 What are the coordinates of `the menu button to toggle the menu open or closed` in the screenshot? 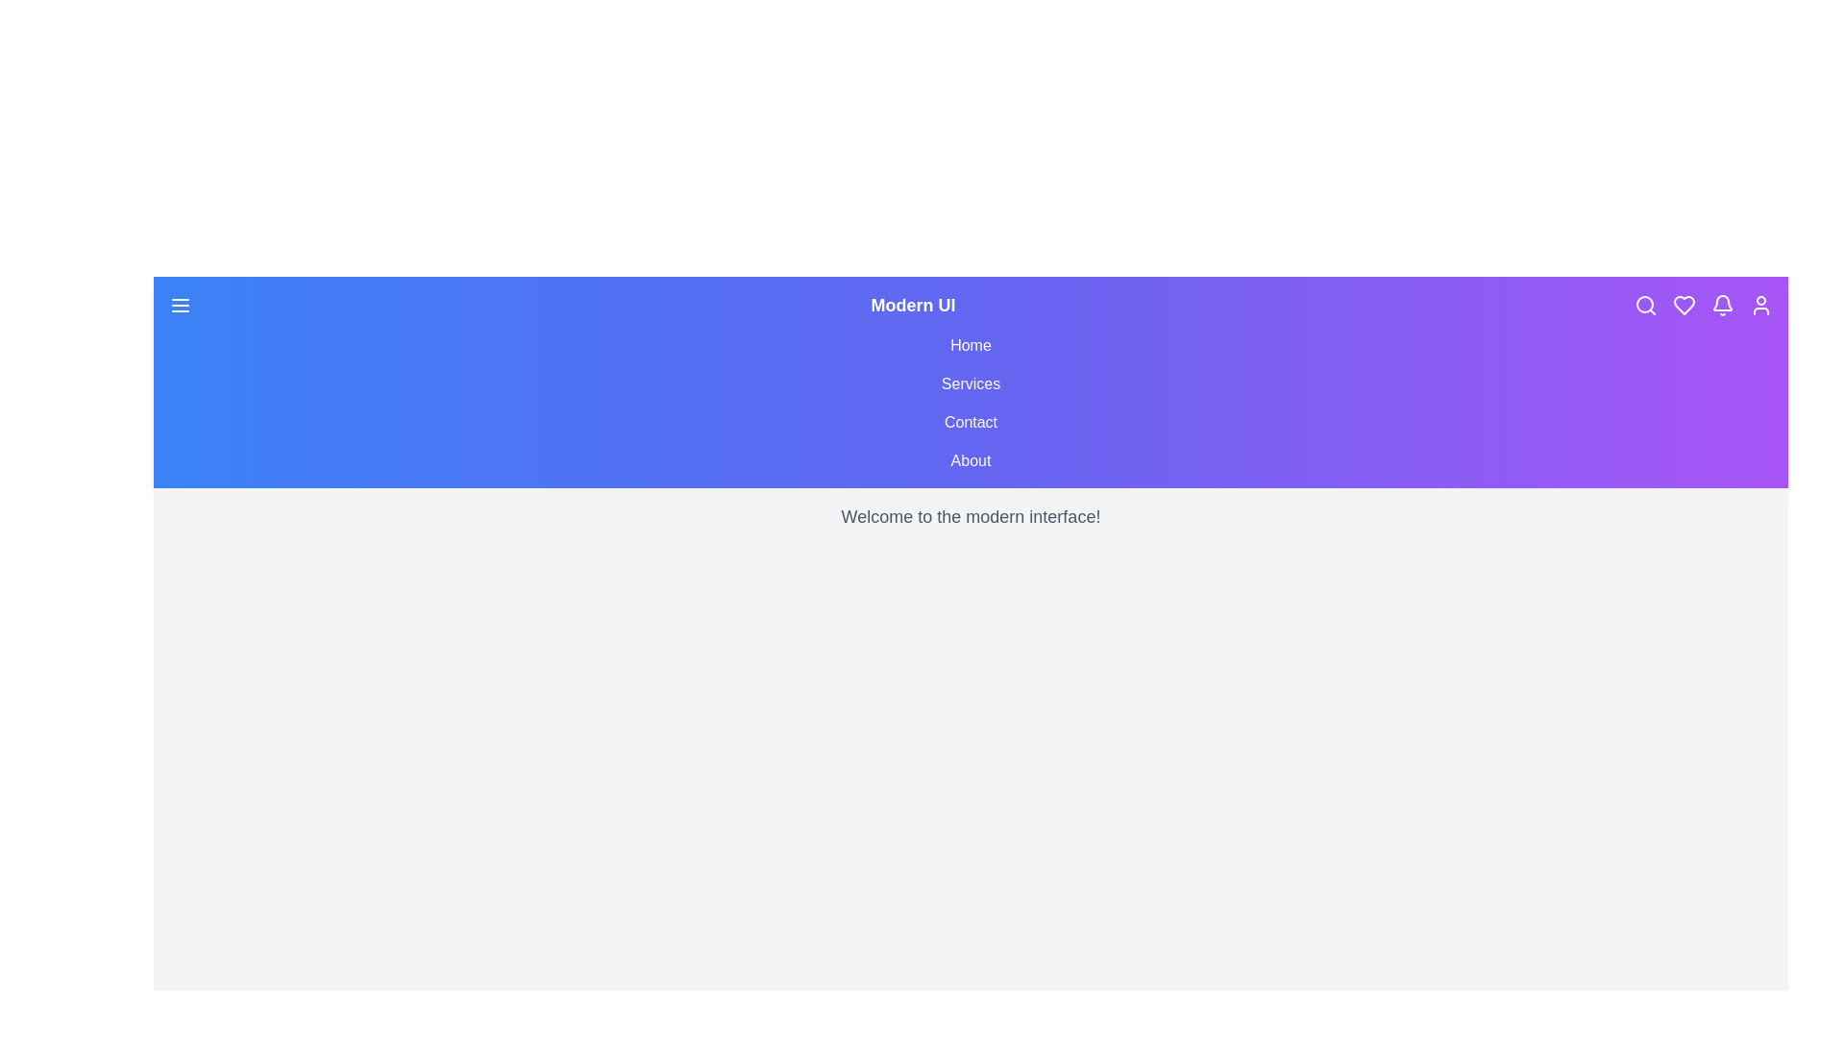 It's located at (180, 304).